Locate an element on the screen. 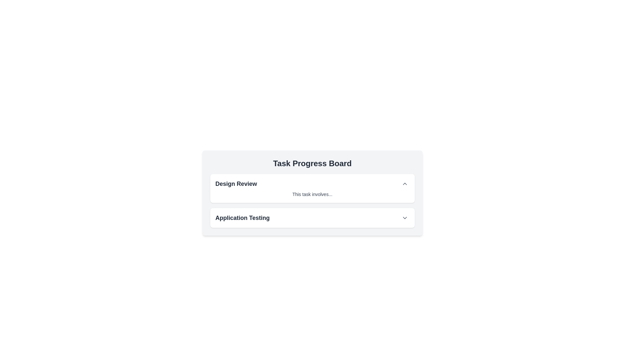 This screenshot has width=629, height=354. the Dropdown Selector Header labeled 'Application Testing' for keyboard navigation is located at coordinates (312, 218).